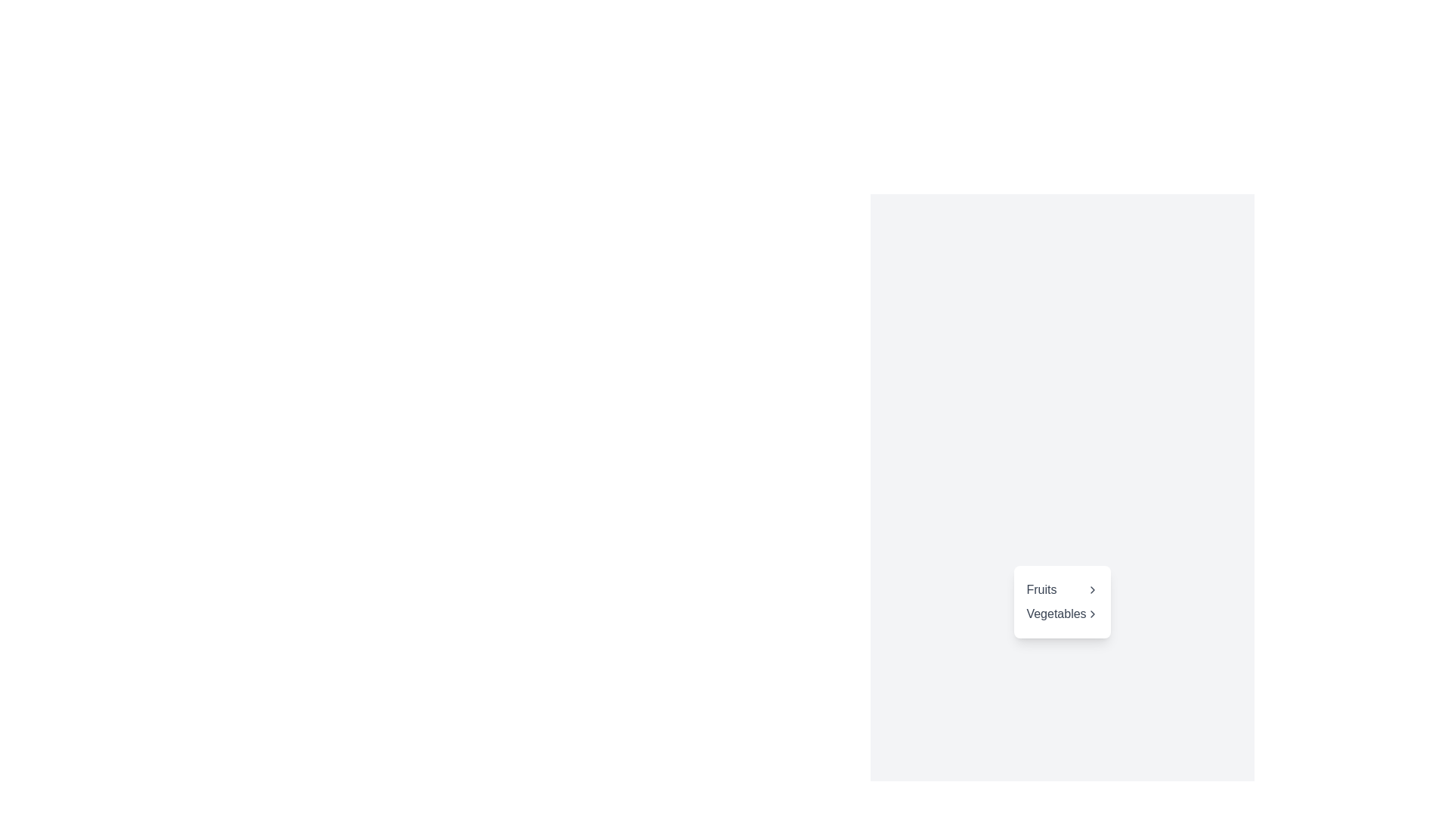  What do you see at coordinates (1092, 589) in the screenshot?
I see `the right-facing chevron icon located adjacent to the text 'Fruits' within a small white rectangular card` at bounding box center [1092, 589].